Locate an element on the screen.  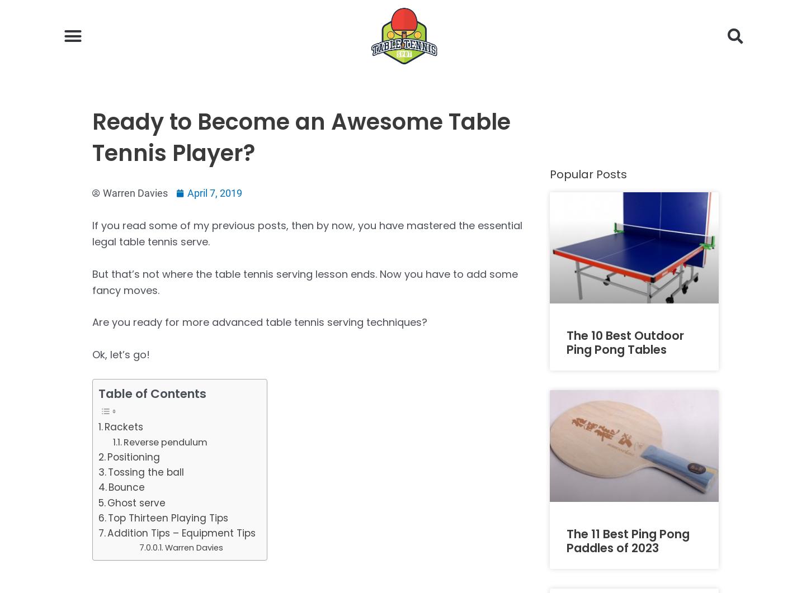
'If you read some of my previous posts, then by now, you have mastered the essential legal table tennis serve.' is located at coordinates (92, 234).